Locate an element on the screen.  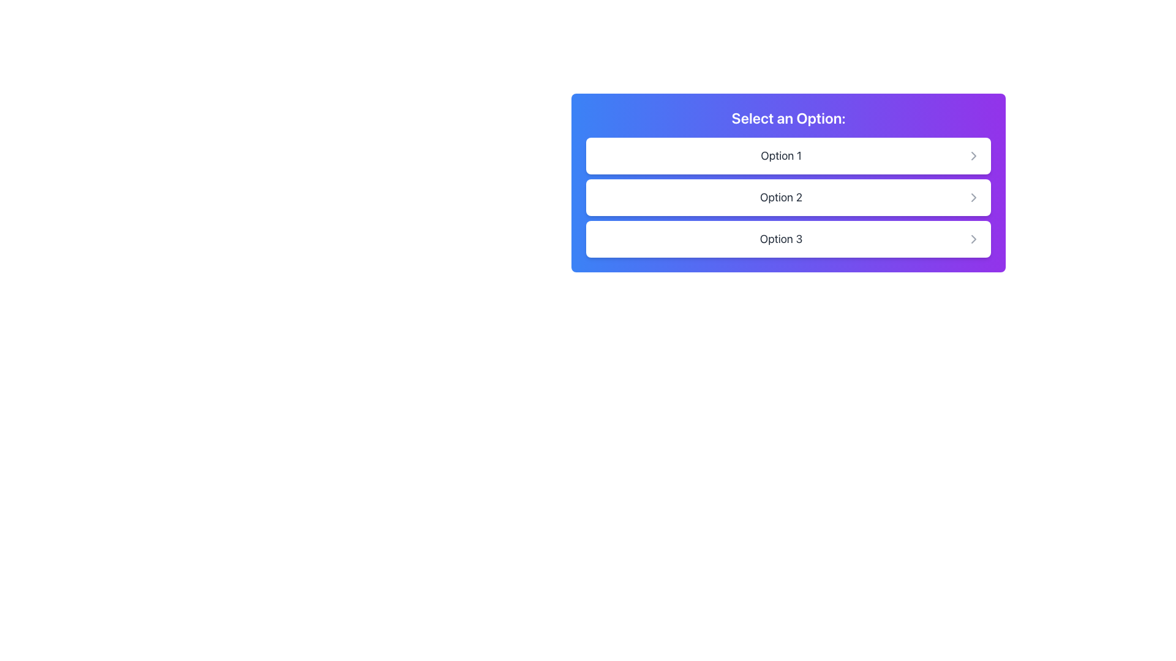
the label displaying 'Option 3' within the clickable menu item located in the third position of a vertically stacked menu is located at coordinates (780, 239).